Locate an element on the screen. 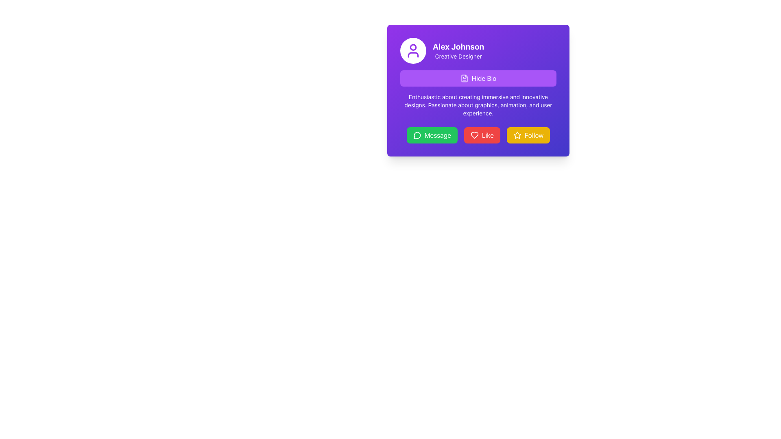 This screenshot has height=439, width=781. the text within the like button located to the right of the green 'Message' button and to the left of the yellow 'Follow' button on the user card is located at coordinates (488, 135).